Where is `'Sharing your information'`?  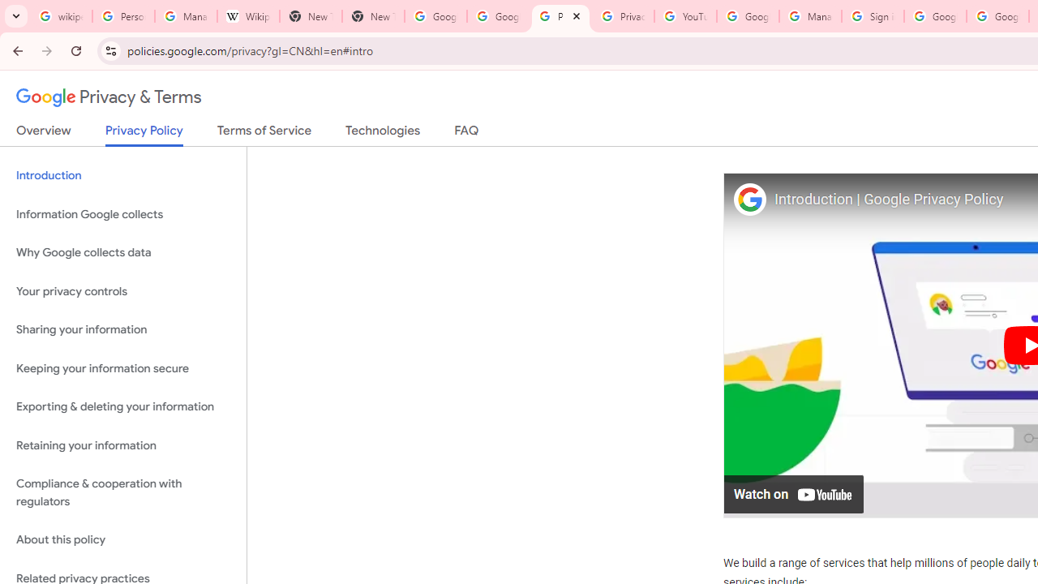 'Sharing your information' is located at coordinates (122, 329).